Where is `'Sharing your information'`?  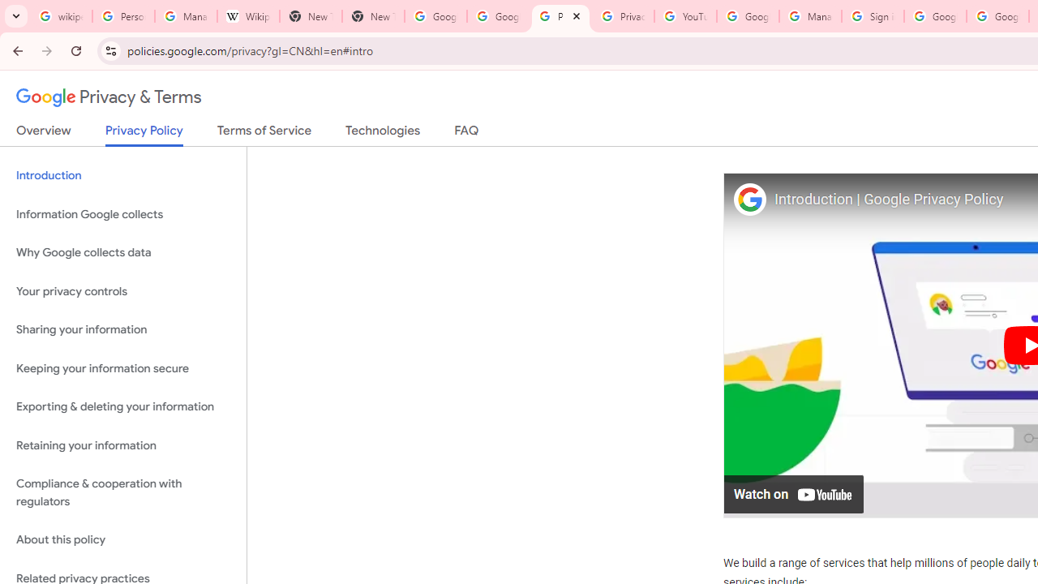 'Sharing your information' is located at coordinates (122, 329).